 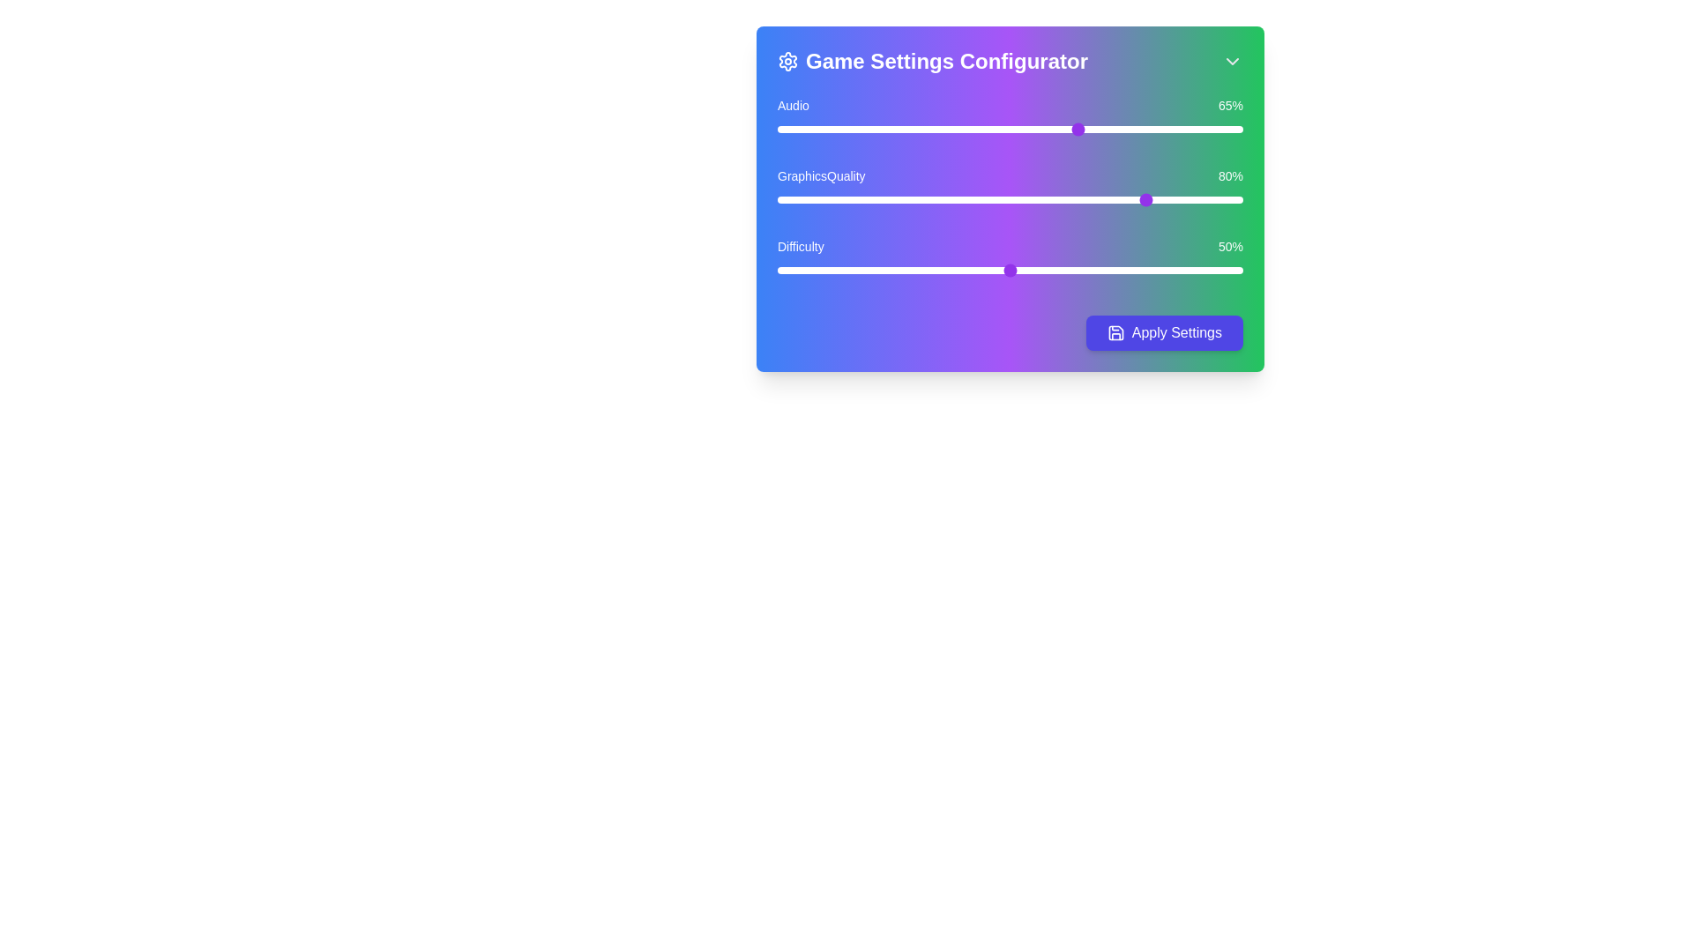 I want to click on the settings icon located at the top-left corner of the header section, so click(x=787, y=60).